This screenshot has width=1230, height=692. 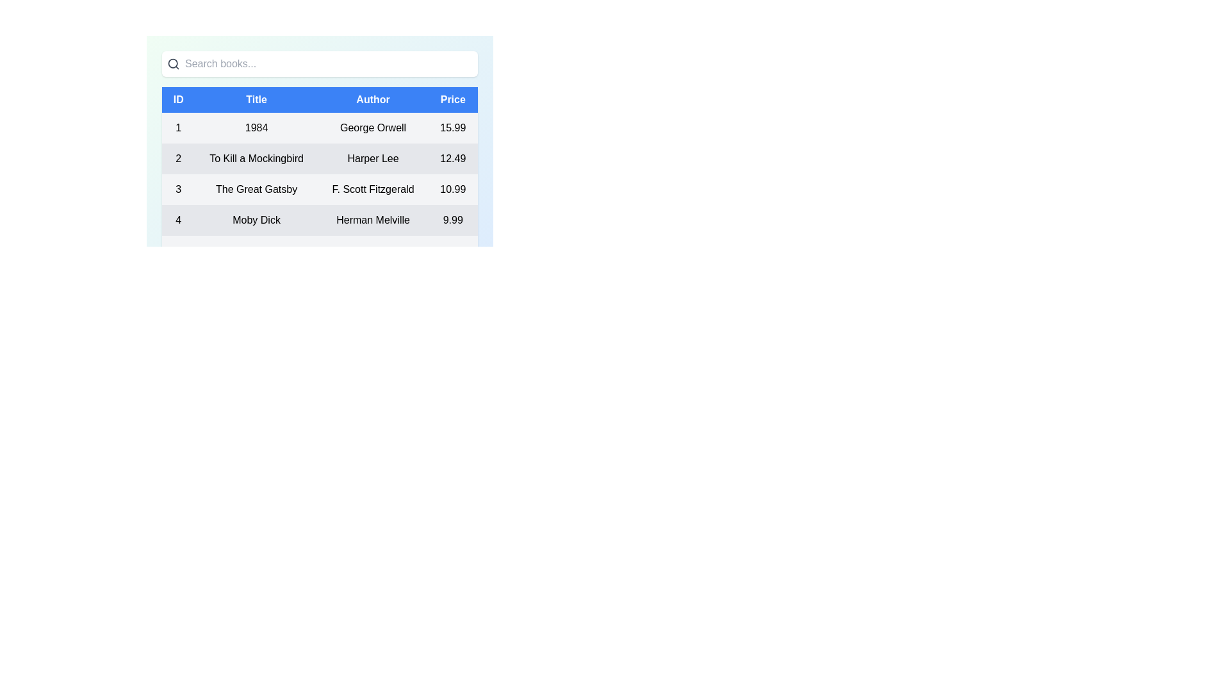 What do you see at coordinates (453, 190) in the screenshot?
I see `the text label displaying '10.99' in bold font located in the rightmost column under the 'Price' header of the table` at bounding box center [453, 190].